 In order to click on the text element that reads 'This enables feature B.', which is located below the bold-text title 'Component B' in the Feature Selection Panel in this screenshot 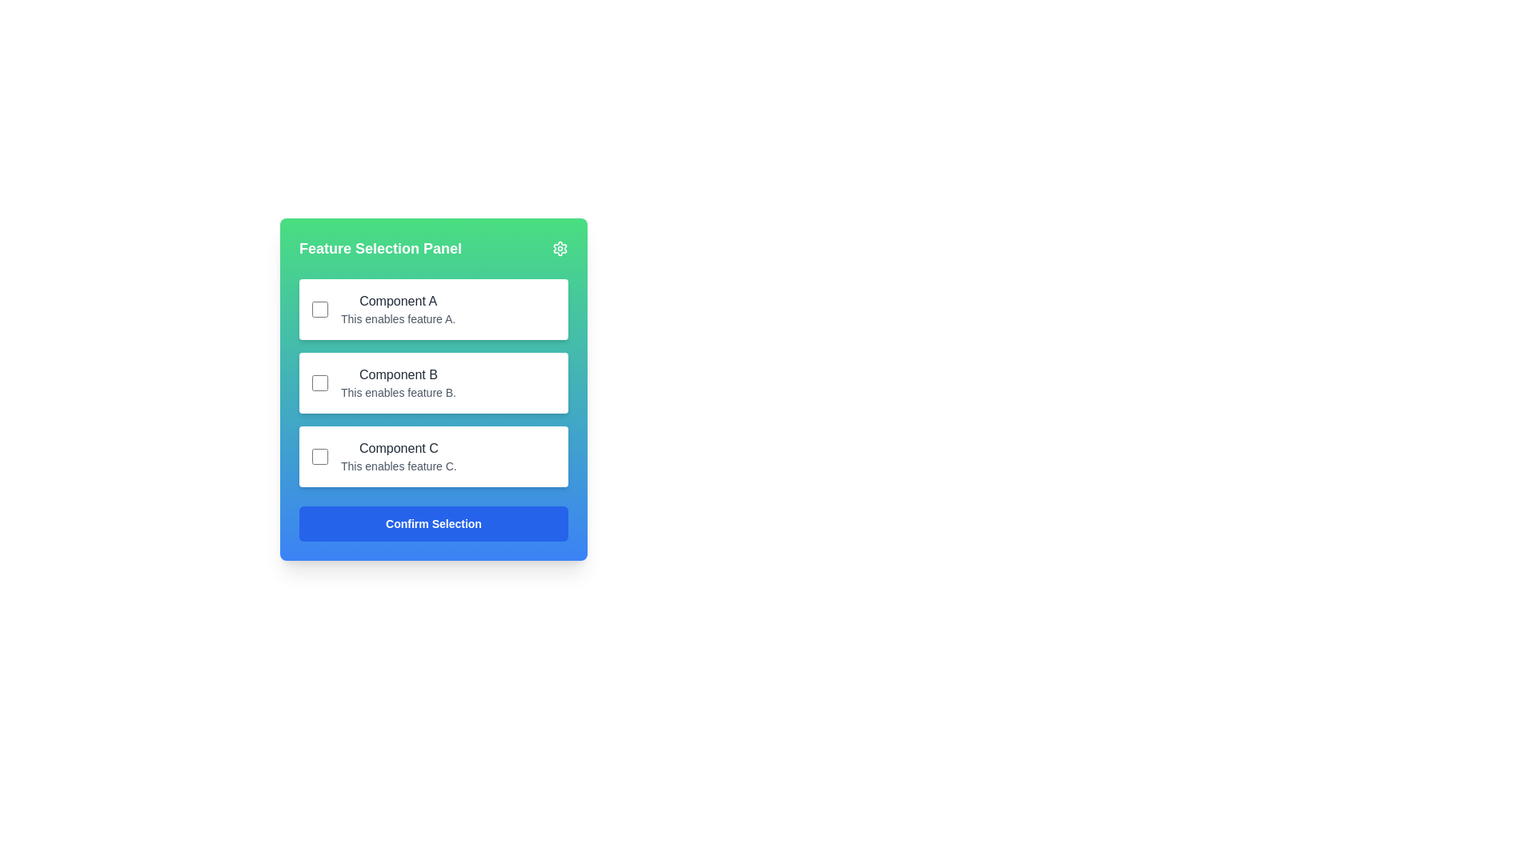, I will do `click(399, 392)`.